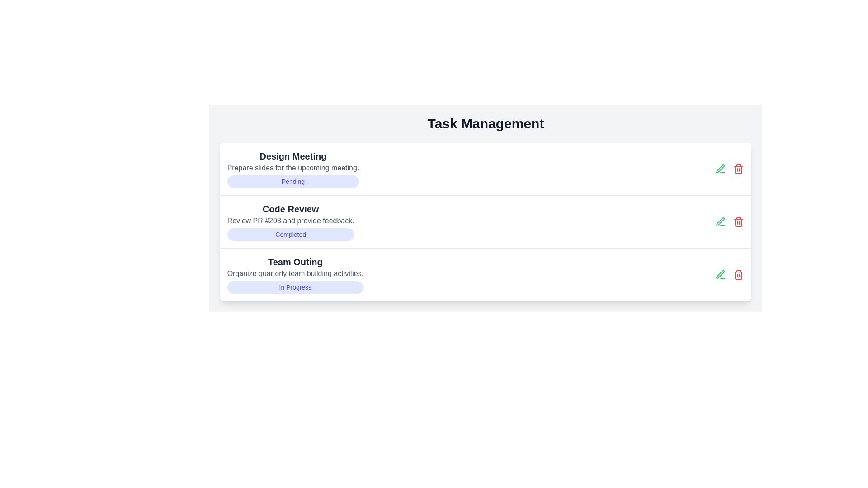  I want to click on the text element that contains the description 'Review PR #203 and provide feedback.', which is positioned beneath the 'Code Review' header and above the 'Completed' status badge, so click(291, 221).